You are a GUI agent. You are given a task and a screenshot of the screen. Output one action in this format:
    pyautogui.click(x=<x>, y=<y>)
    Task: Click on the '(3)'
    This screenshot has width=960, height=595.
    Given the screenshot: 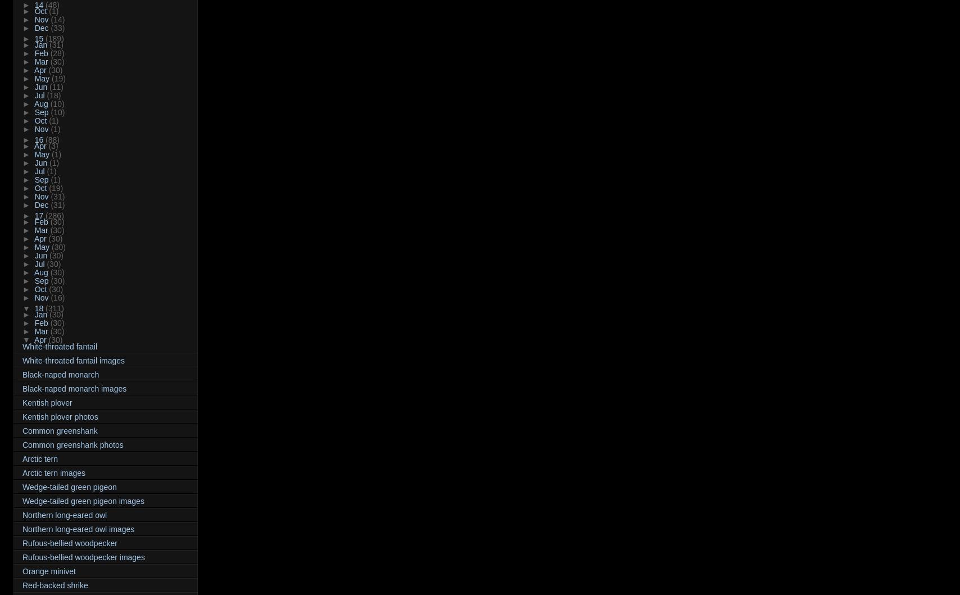 What is the action you would take?
    pyautogui.click(x=53, y=146)
    